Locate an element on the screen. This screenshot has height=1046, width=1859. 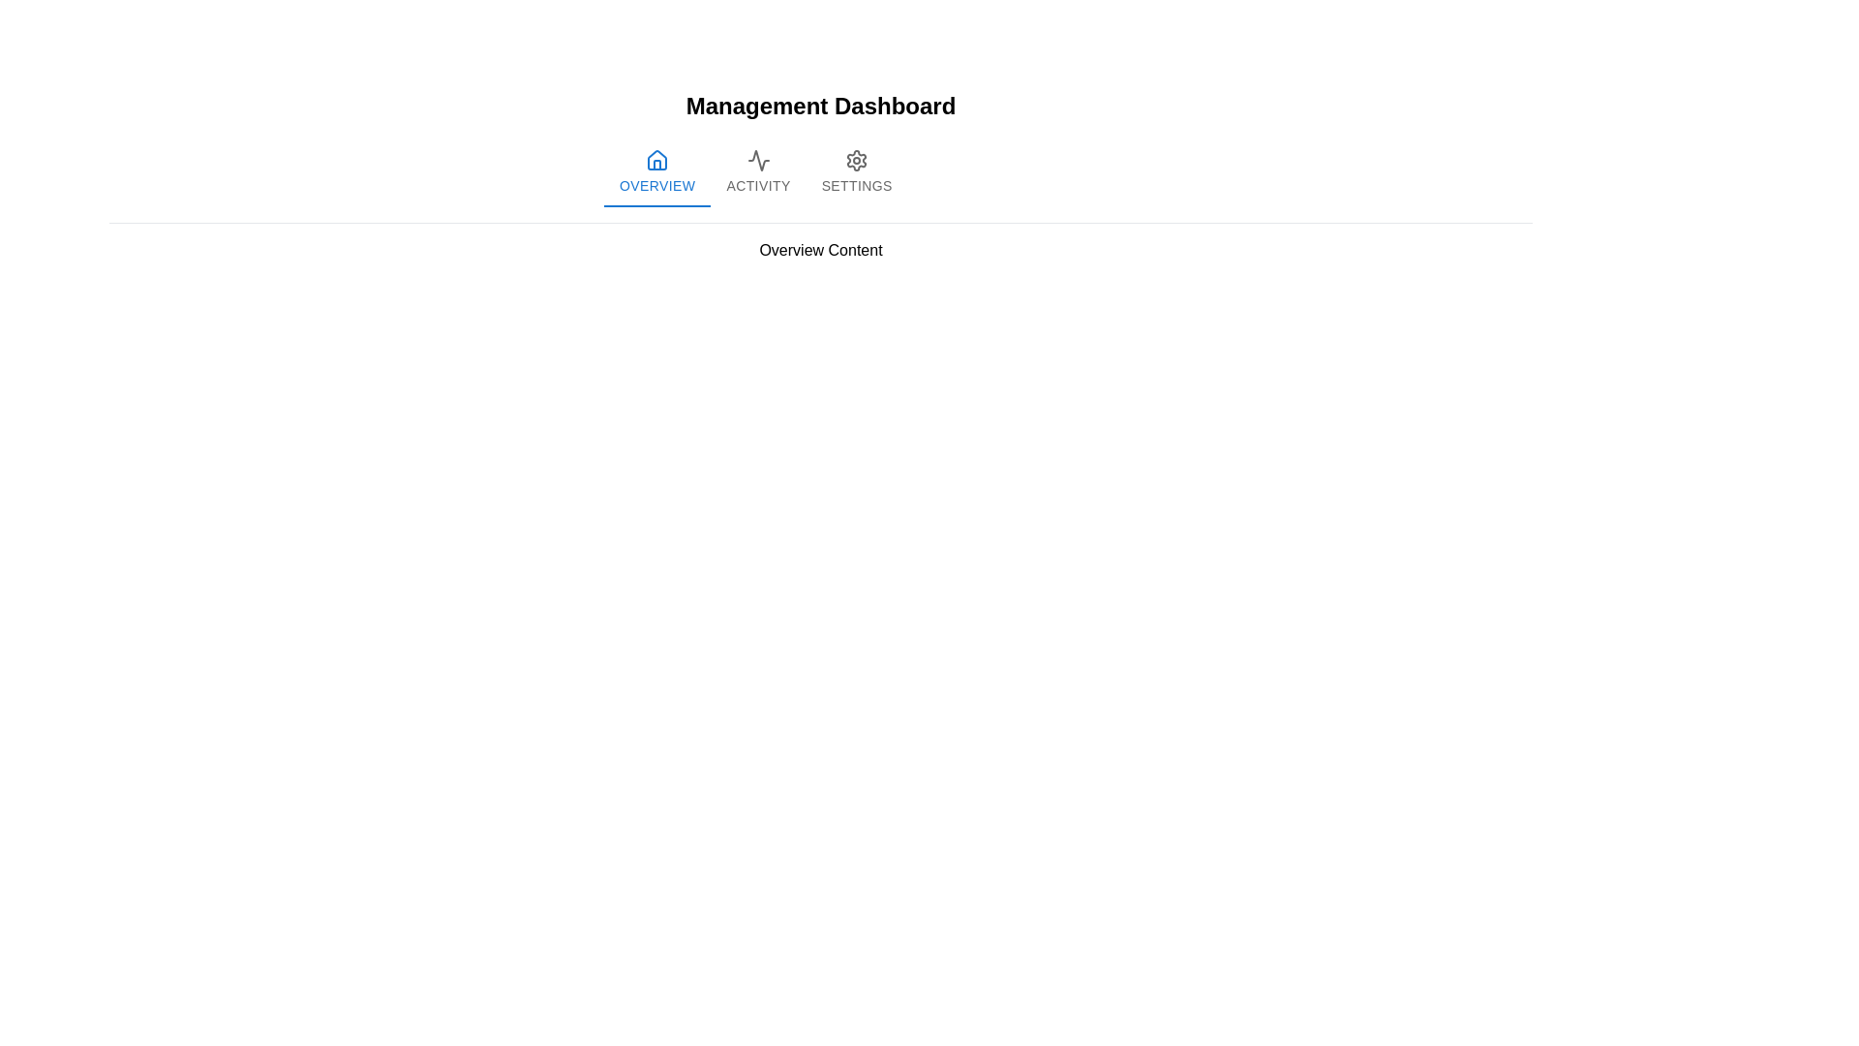
the blue home-shaped icon in the top navigation bar is located at coordinates (657, 160).